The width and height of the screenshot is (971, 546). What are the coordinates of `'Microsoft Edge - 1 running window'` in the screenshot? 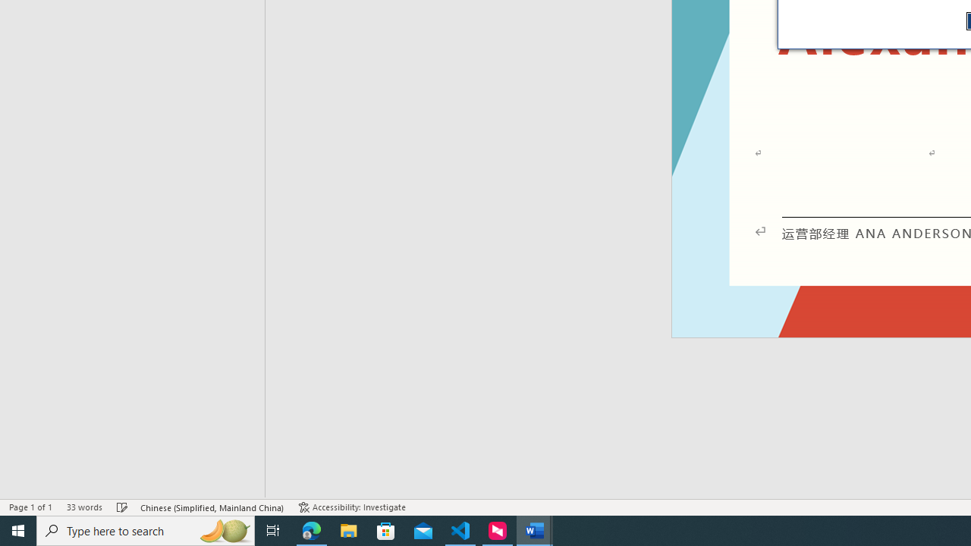 It's located at (311, 529).